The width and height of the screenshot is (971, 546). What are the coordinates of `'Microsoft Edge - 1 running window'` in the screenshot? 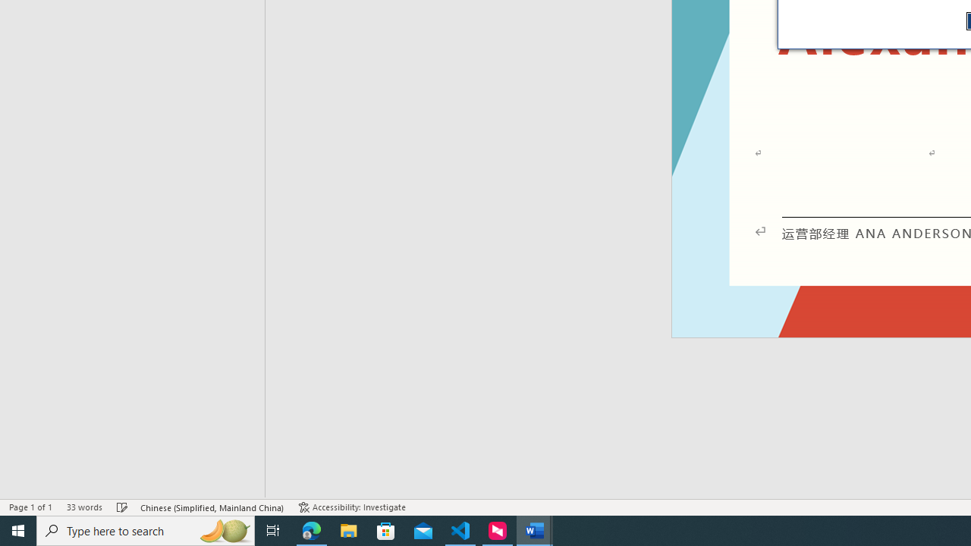 It's located at (311, 529).